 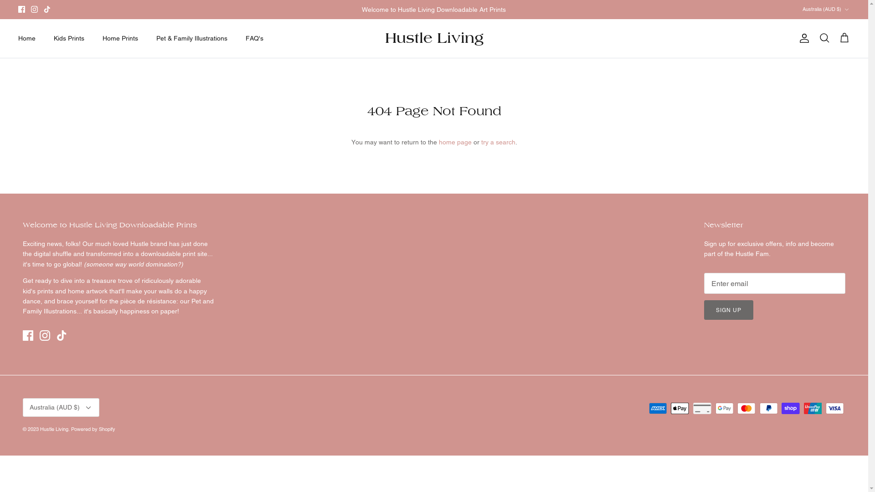 What do you see at coordinates (803, 38) in the screenshot?
I see `'Account'` at bounding box center [803, 38].